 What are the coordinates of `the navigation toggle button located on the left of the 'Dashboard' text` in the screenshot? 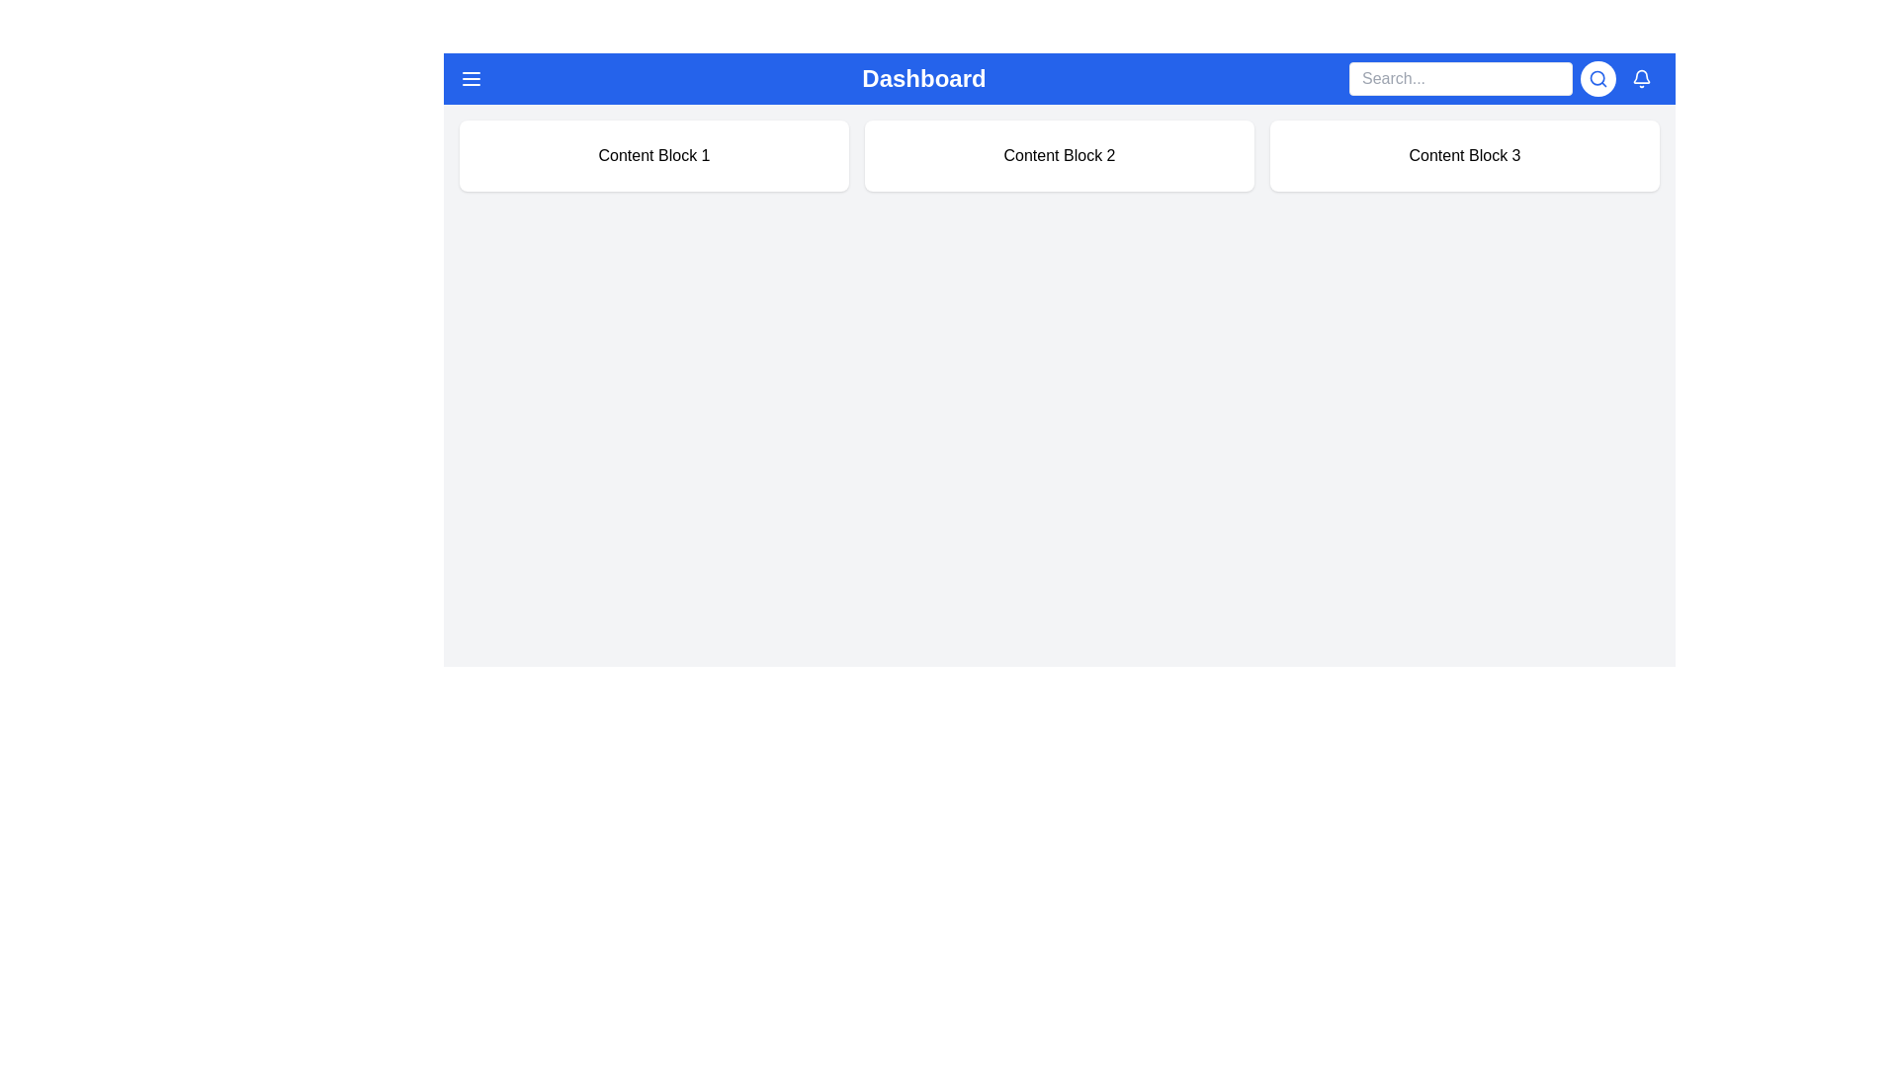 It's located at (470, 78).